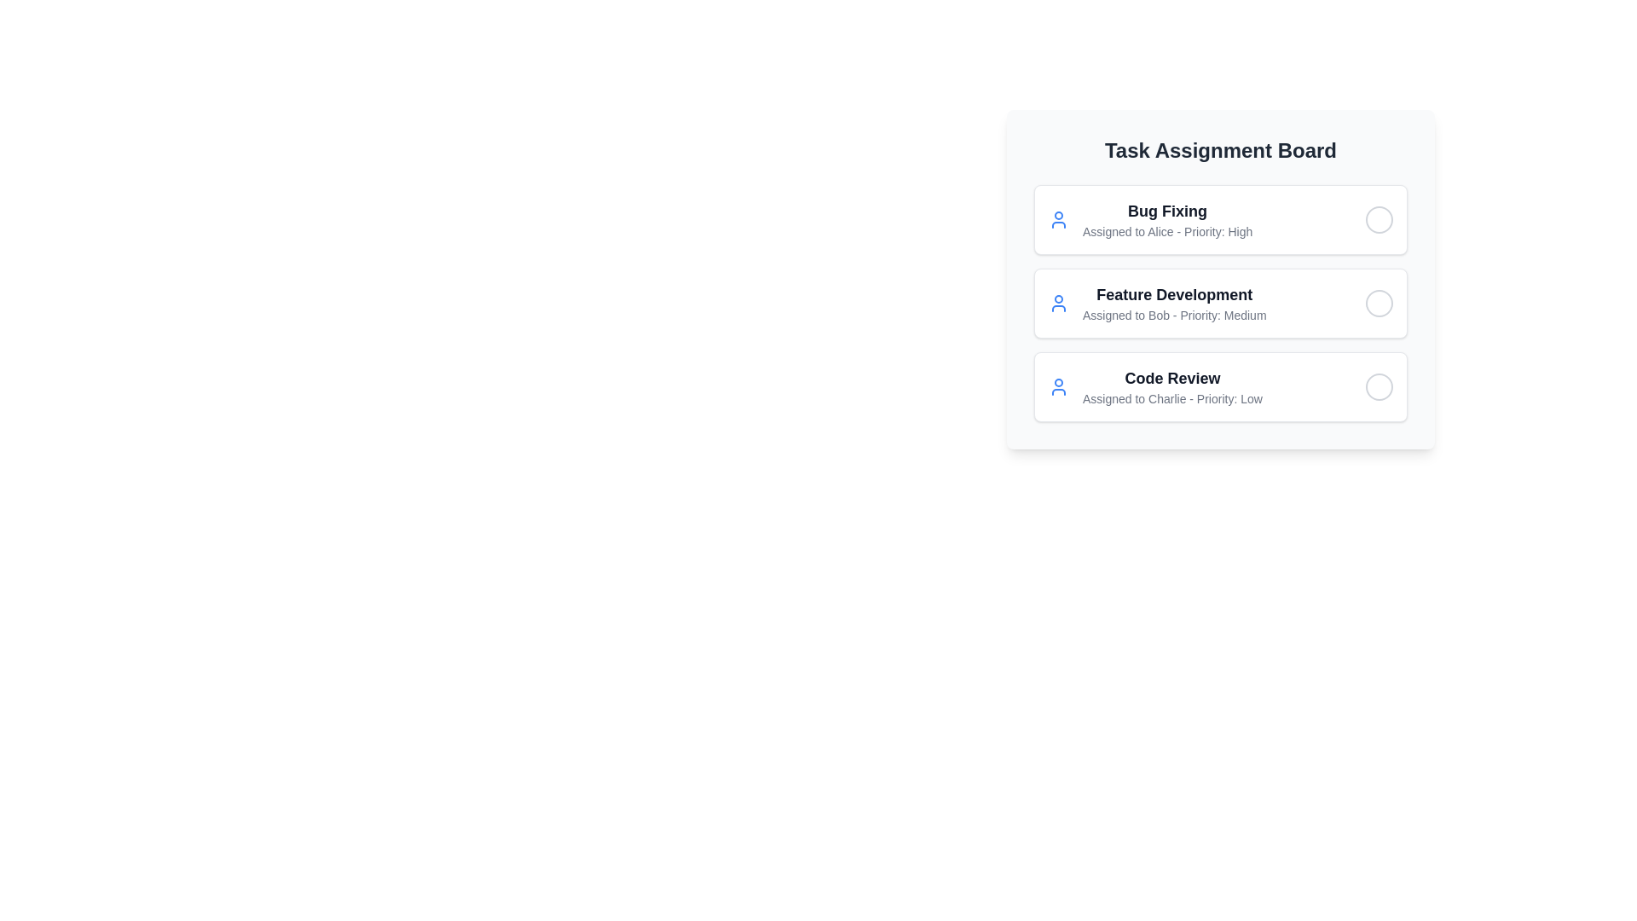 Image resolution: width=1637 pixels, height=921 pixels. Describe the element at coordinates (1171, 387) in the screenshot. I see `the text block displaying task information for 'Code Review'` at that location.